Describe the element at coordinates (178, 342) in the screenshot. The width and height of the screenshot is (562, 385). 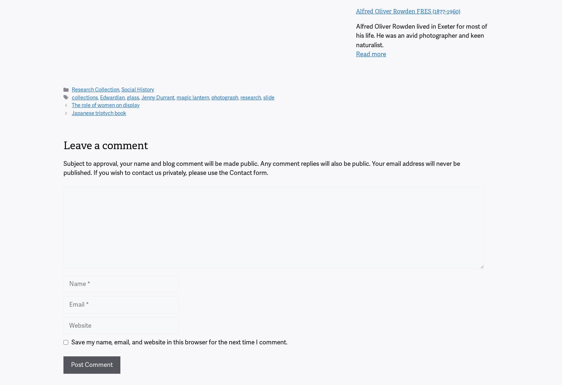
I see `'Save my name, email, and website in this browser for the next time I comment.'` at that location.